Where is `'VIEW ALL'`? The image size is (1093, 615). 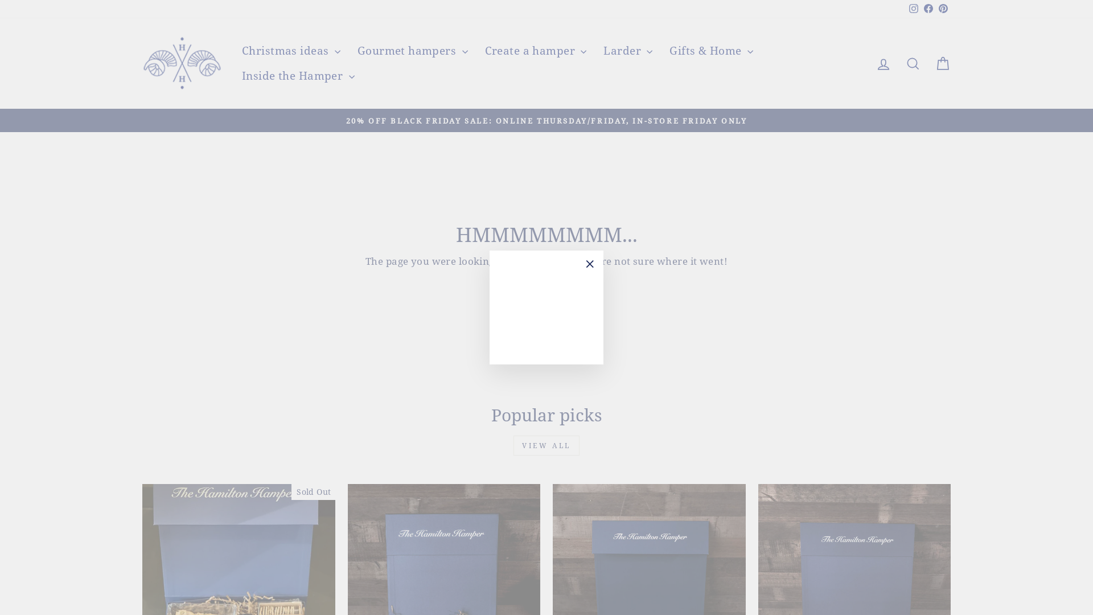 'VIEW ALL' is located at coordinates (546, 445).